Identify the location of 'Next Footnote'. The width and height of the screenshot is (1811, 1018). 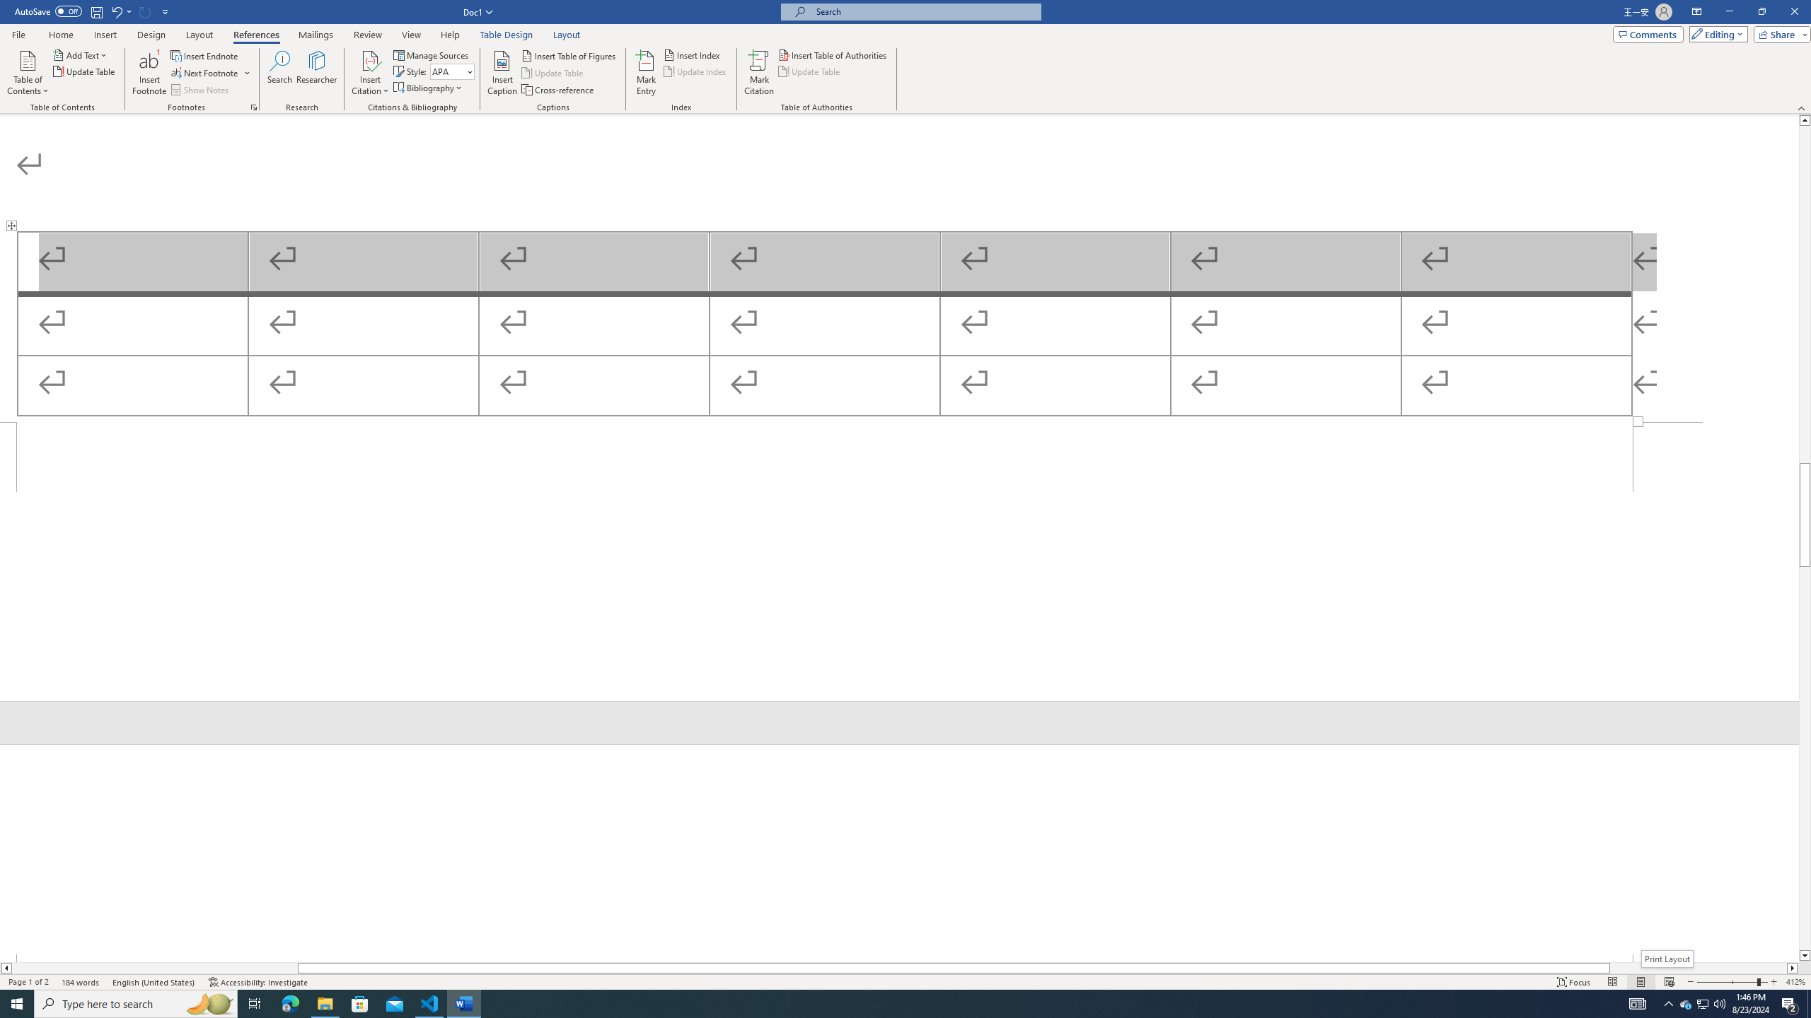
(204, 73).